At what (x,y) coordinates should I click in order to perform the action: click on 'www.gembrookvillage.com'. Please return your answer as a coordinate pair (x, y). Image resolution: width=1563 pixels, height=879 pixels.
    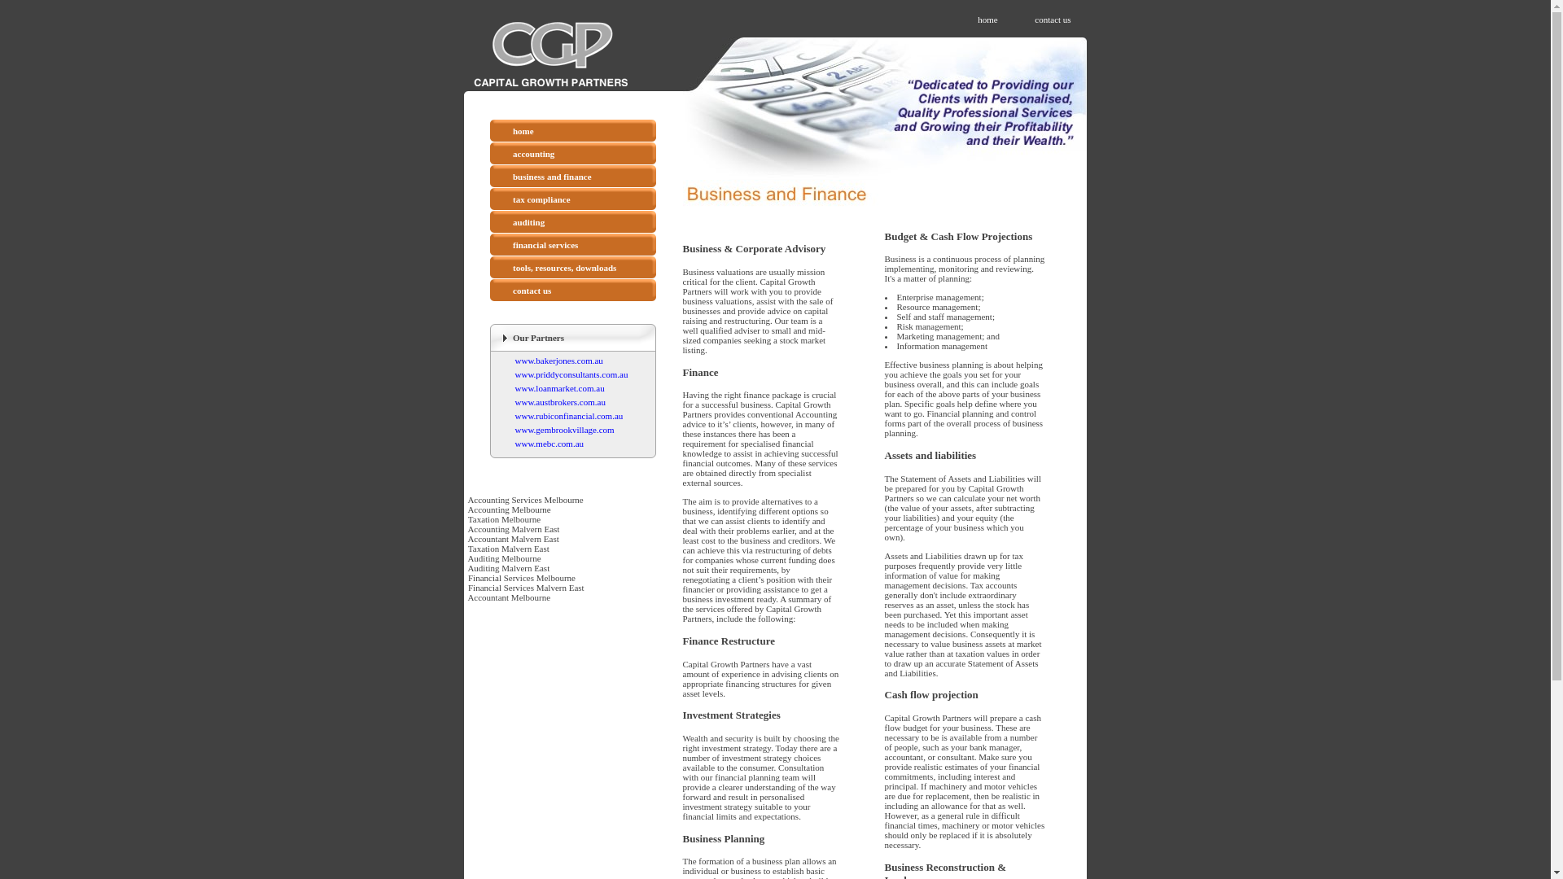
    Looking at the image, I should click on (563, 429).